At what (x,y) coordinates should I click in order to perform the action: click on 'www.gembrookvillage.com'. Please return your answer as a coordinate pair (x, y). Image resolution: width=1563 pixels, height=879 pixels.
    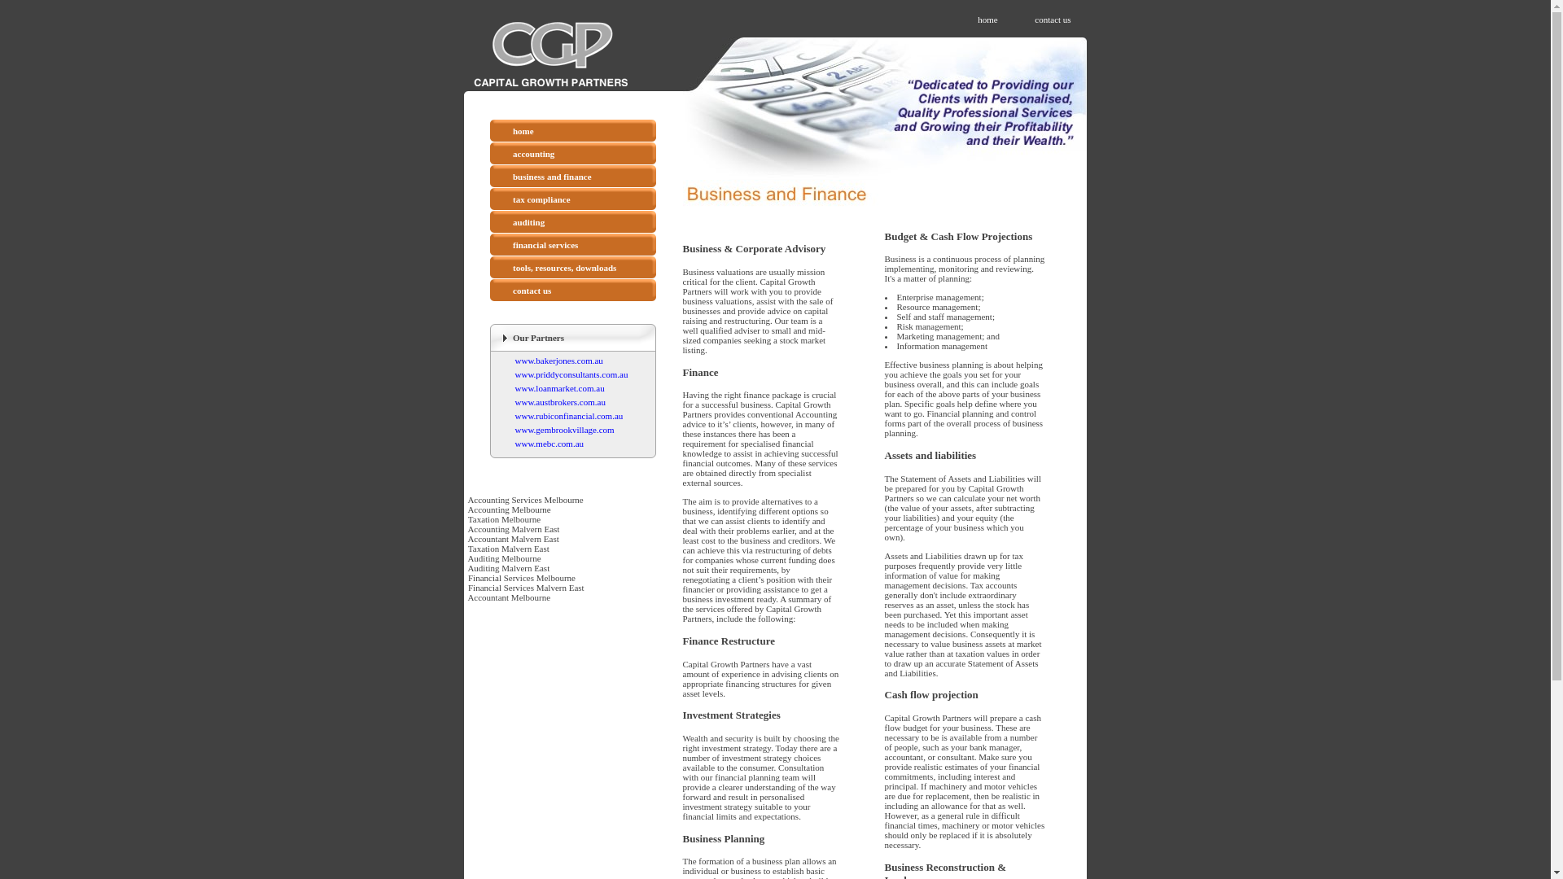
    Looking at the image, I should click on (563, 429).